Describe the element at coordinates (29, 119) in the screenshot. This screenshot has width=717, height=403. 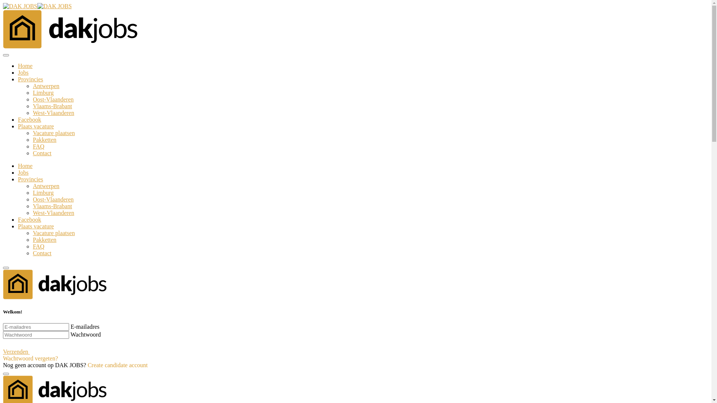
I see `'Facebook'` at that location.